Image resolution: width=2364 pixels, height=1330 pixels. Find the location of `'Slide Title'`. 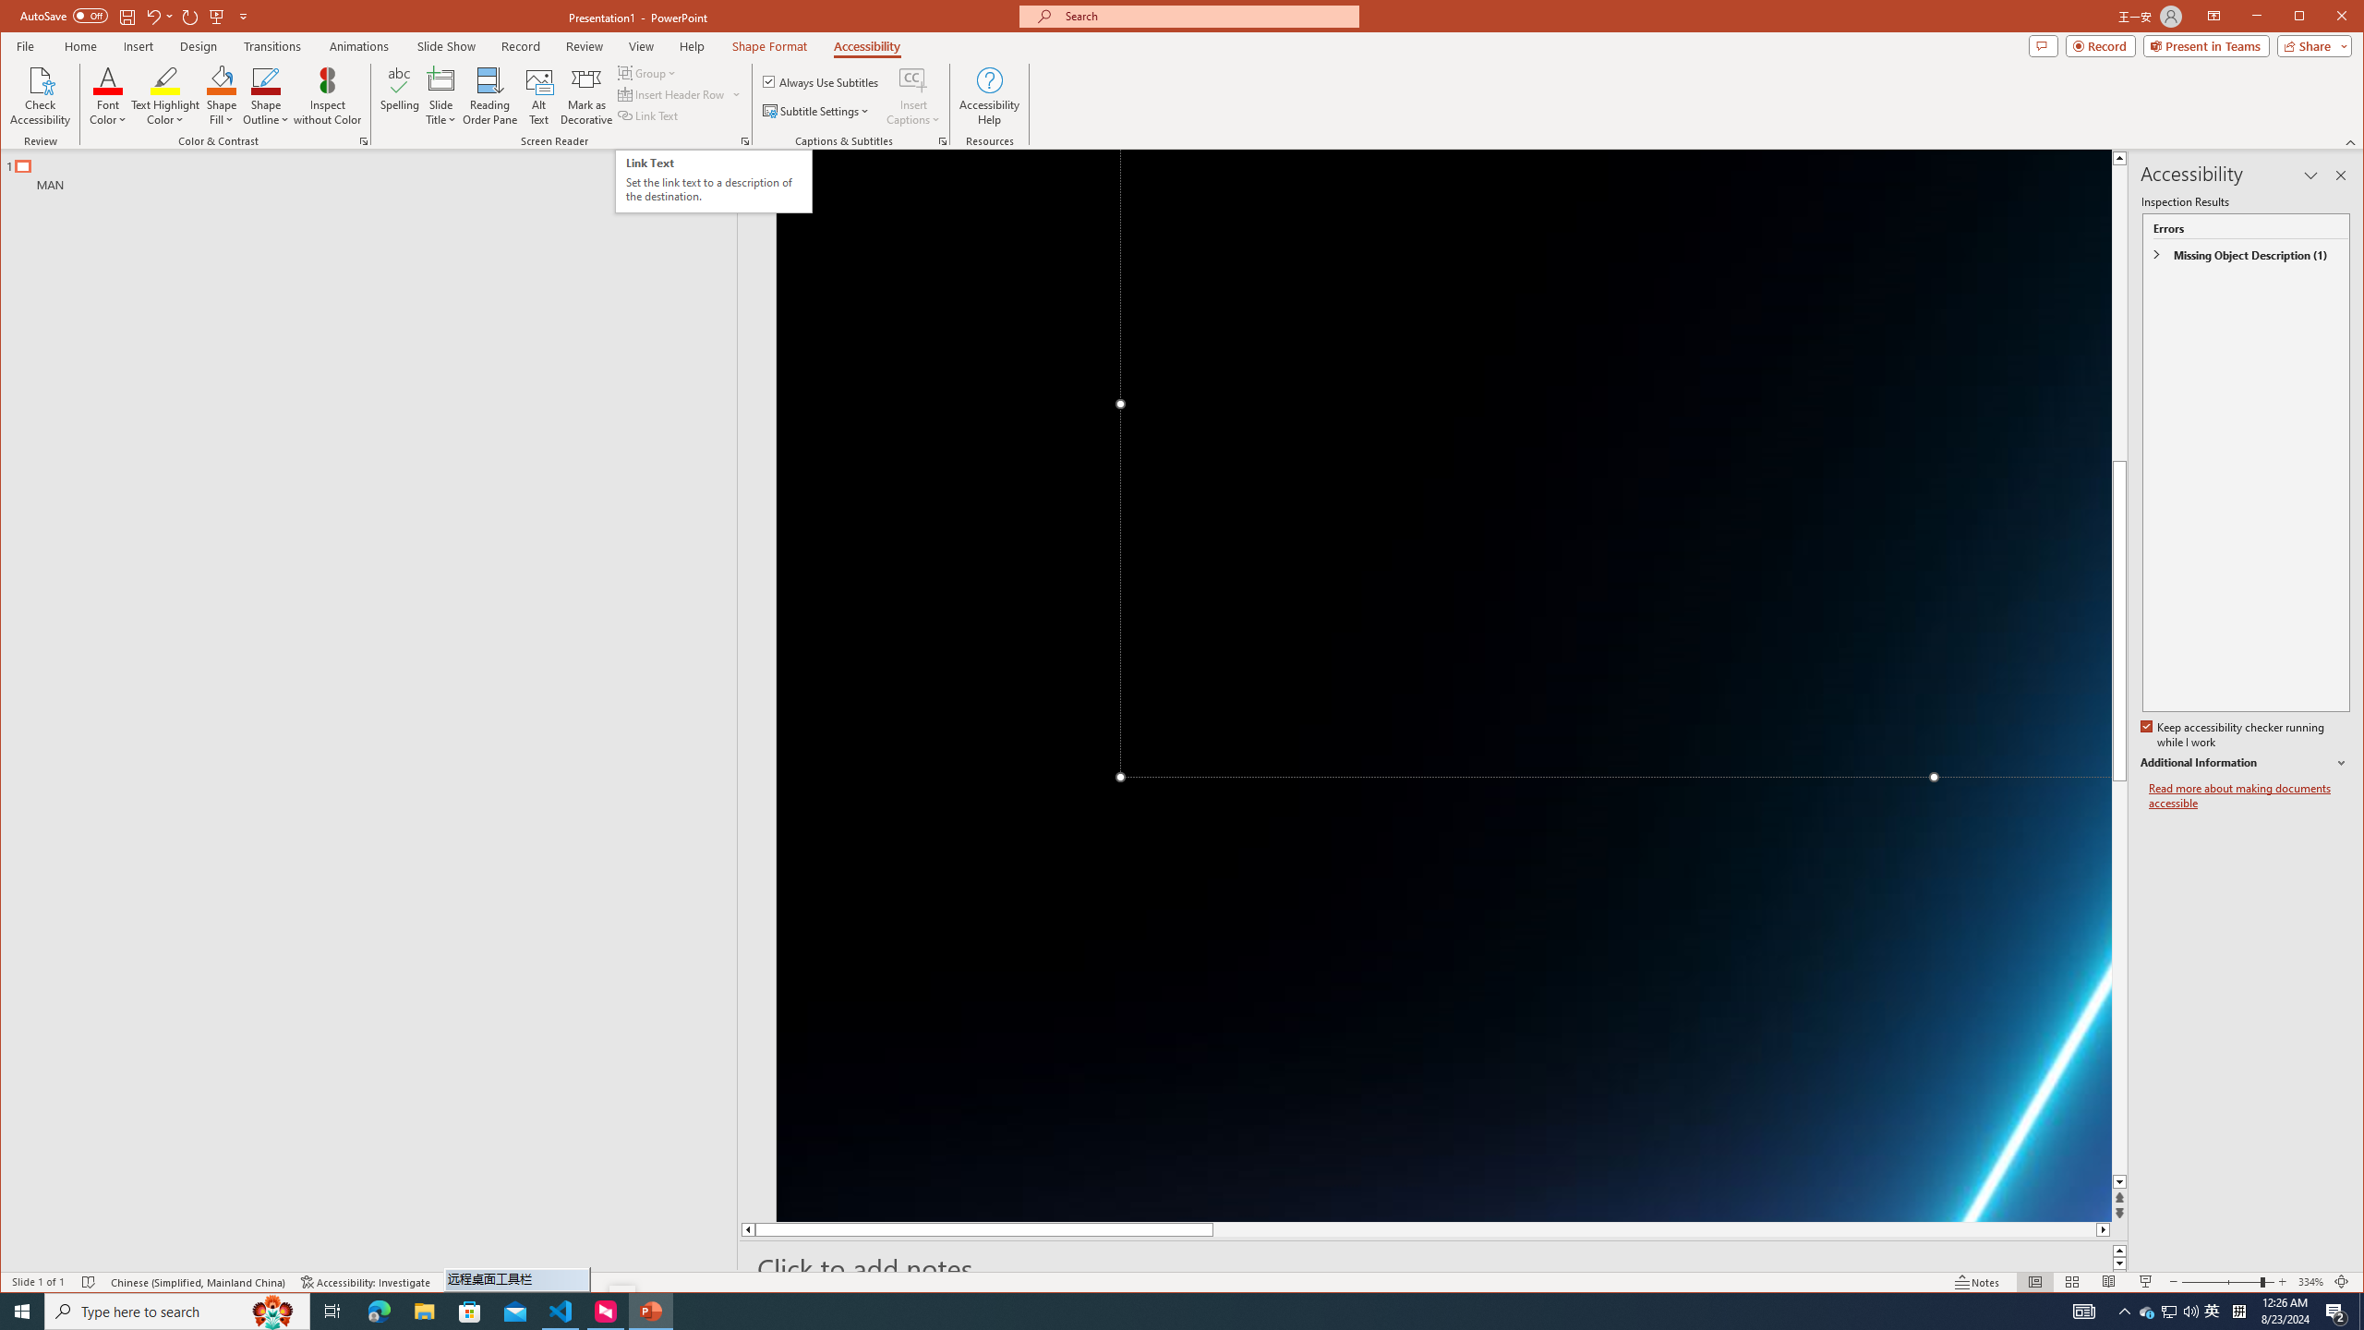

'Slide Title' is located at coordinates (440, 95).